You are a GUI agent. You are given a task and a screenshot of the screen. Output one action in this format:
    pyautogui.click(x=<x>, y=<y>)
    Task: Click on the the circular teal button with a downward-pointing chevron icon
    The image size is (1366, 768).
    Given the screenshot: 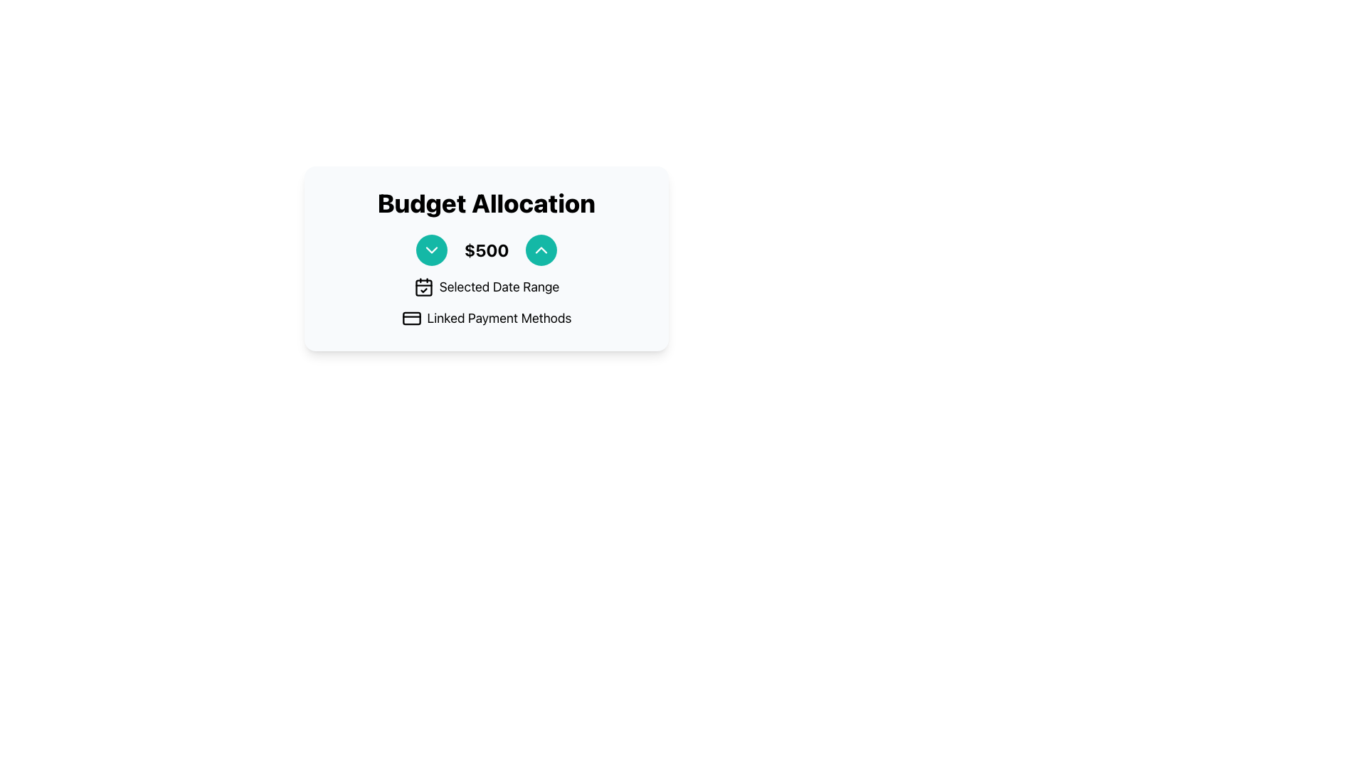 What is the action you would take?
    pyautogui.click(x=430, y=249)
    